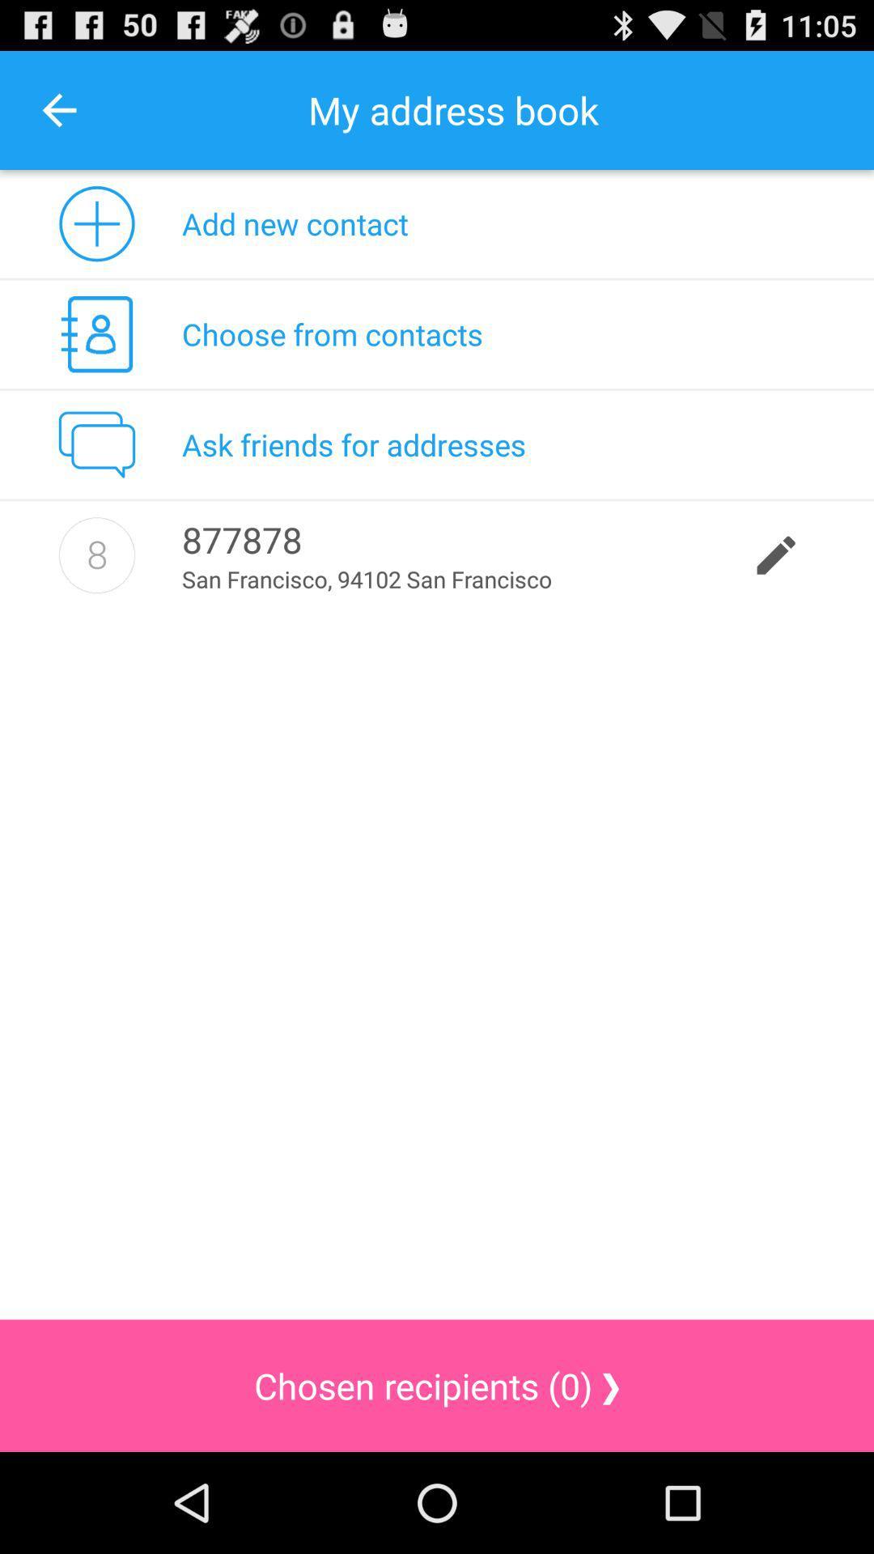 This screenshot has width=874, height=1554. I want to click on icon next to my address book, so click(58, 109).